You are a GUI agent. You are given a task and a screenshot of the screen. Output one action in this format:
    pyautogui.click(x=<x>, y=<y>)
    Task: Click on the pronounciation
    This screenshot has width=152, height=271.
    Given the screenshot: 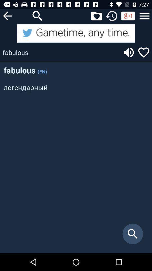 What is the action you would take?
    pyautogui.click(x=129, y=52)
    